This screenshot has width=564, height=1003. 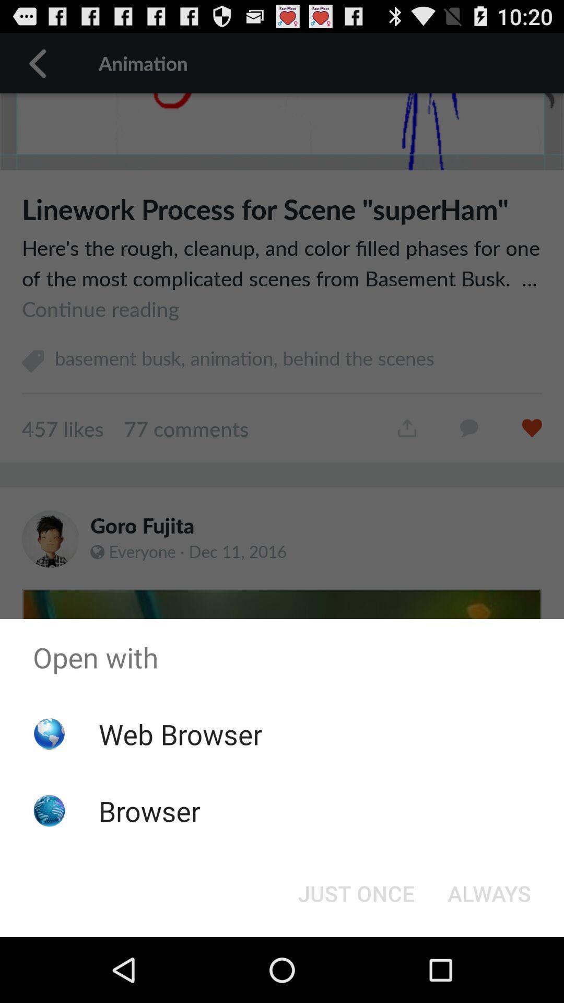 I want to click on button next to the always button, so click(x=356, y=892).